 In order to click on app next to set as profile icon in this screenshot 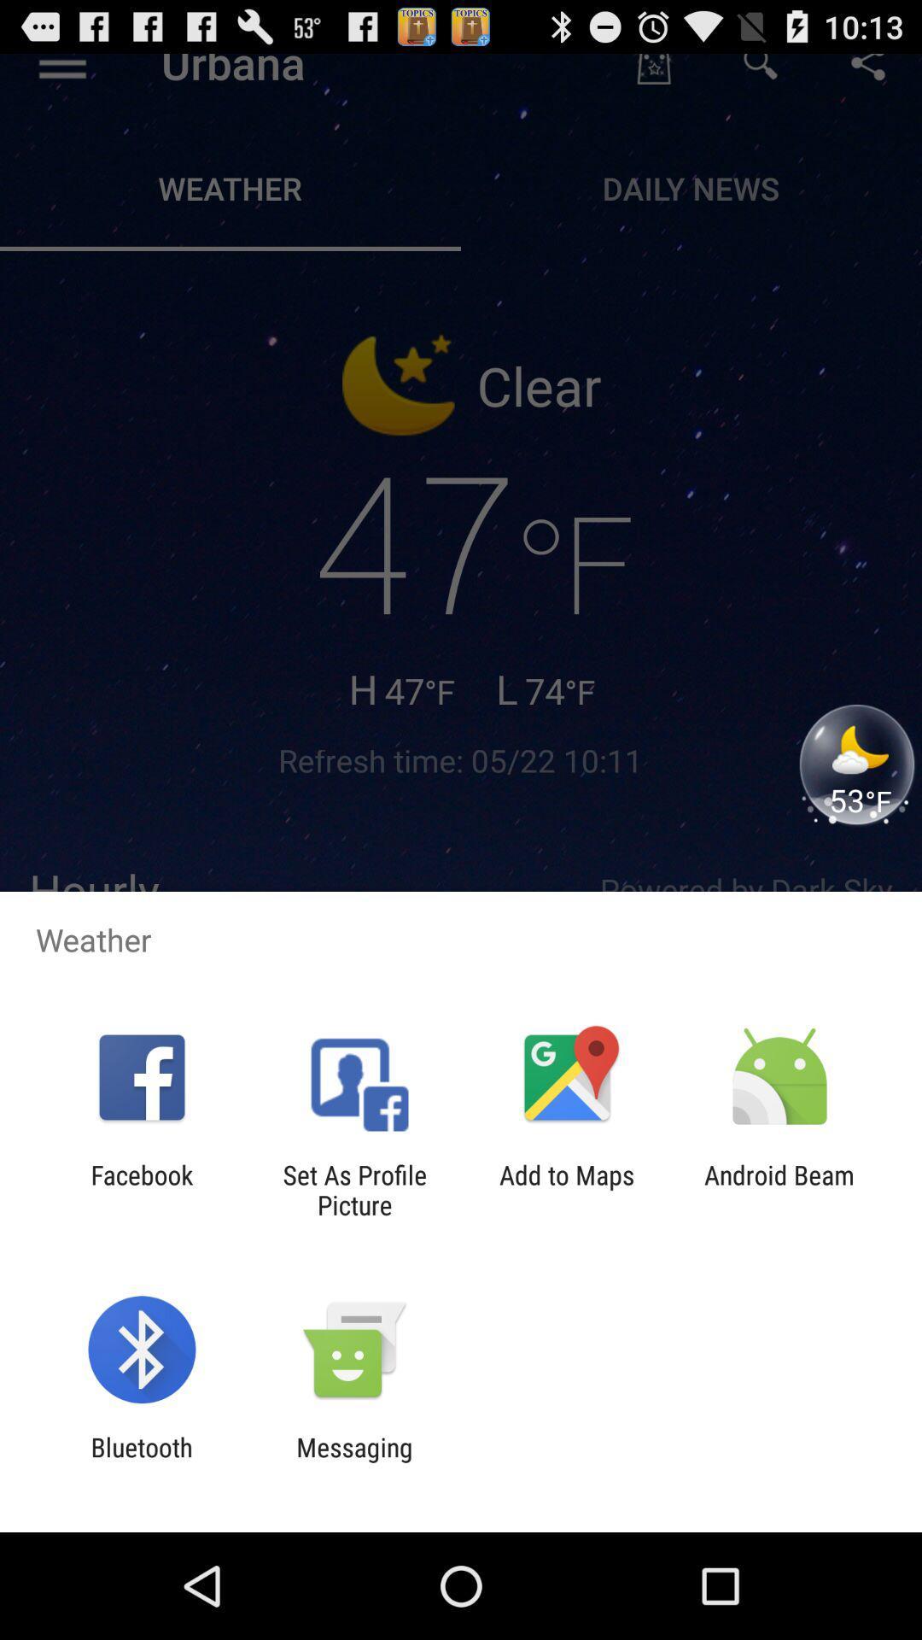, I will do `click(141, 1189)`.